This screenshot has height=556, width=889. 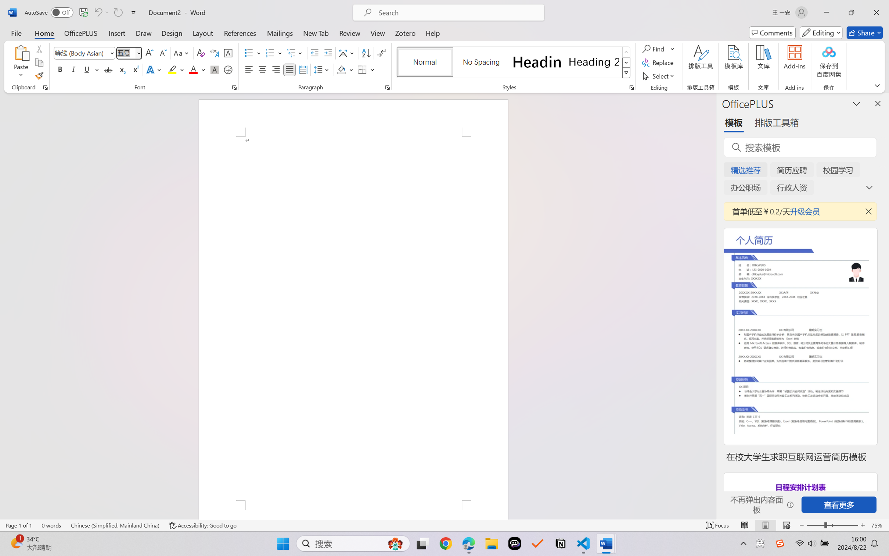 What do you see at coordinates (39, 76) in the screenshot?
I see `'Format Painter'` at bounding box center [39, 76].